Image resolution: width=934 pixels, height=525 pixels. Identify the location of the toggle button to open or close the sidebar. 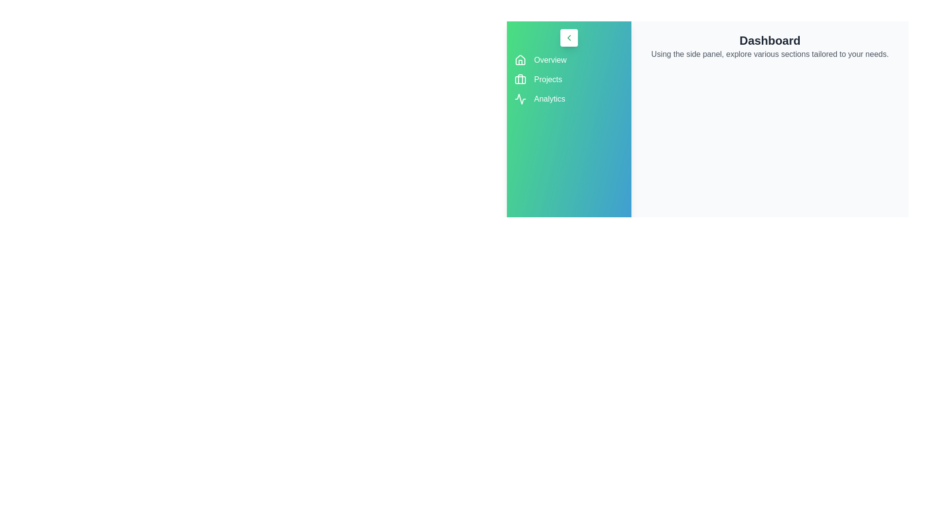
(569, 37).